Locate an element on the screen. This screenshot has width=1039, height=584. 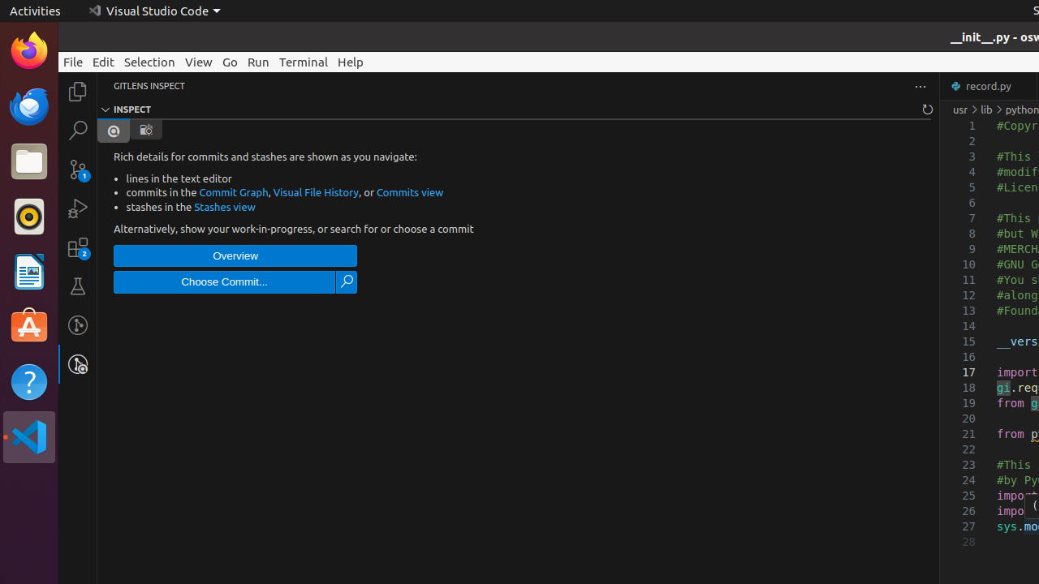
'Go' is located at coordinates (229, 61).